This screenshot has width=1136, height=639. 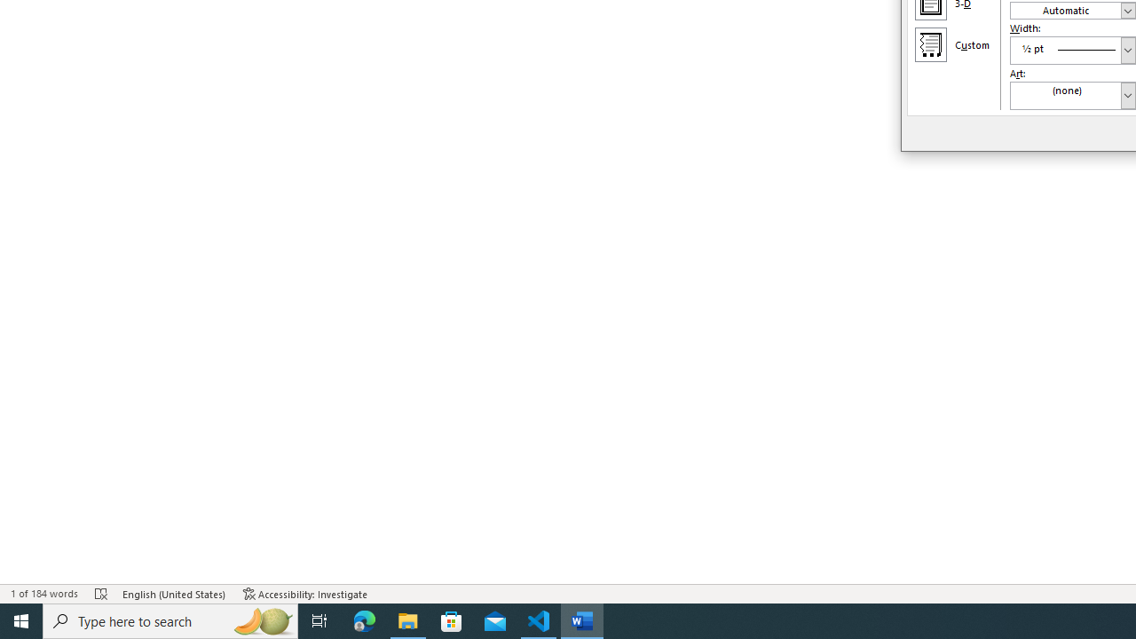 I want to click on 'Word Count 1 of 184 words', so click(x=43, y=594).